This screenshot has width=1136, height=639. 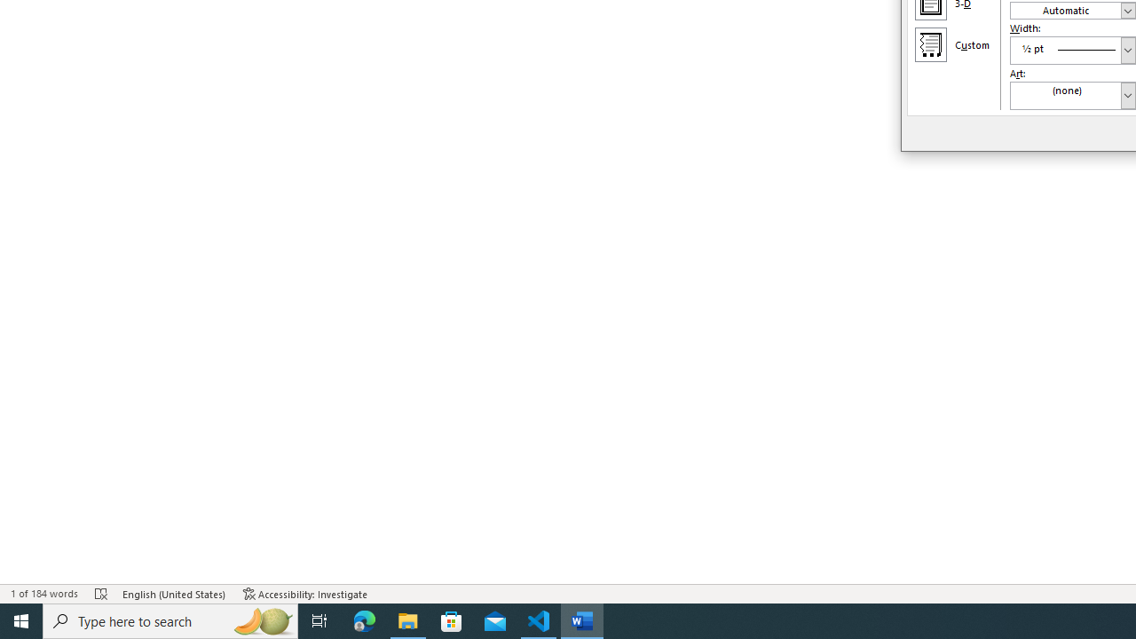 I want to click on 'Word Count 1 of 184 words', so click(x=43, y=594).